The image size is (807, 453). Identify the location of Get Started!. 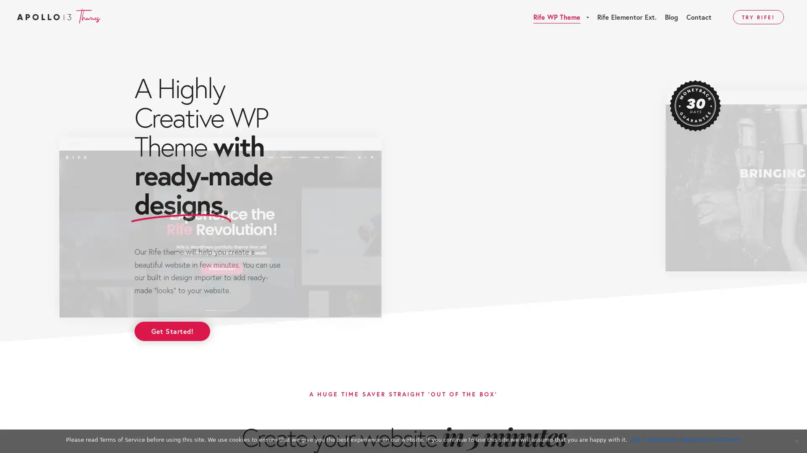
(171, 331).